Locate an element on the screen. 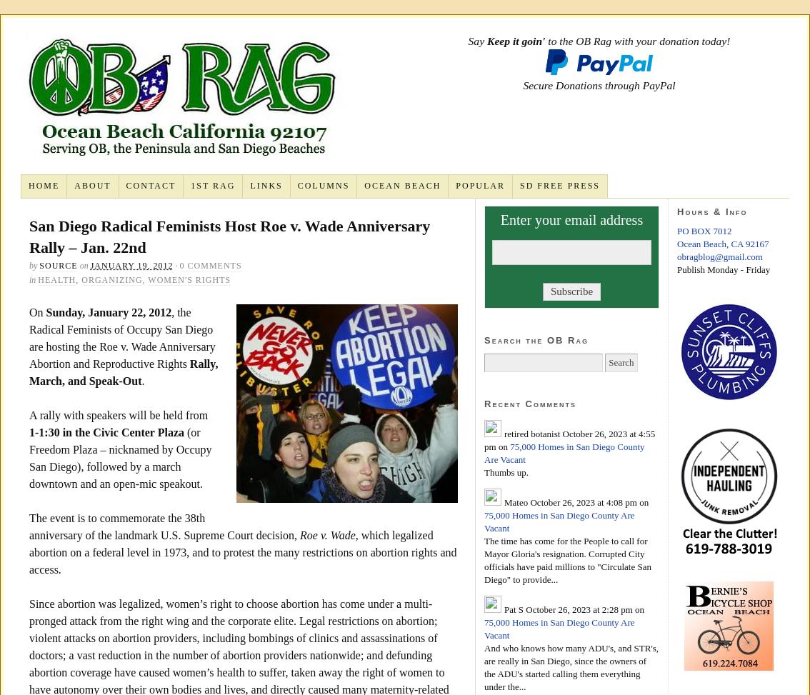 The height and width of the screenshot is (695, 810). '1-1:30 in the Civic Center Plaza' is located at coordinates (106, 431).